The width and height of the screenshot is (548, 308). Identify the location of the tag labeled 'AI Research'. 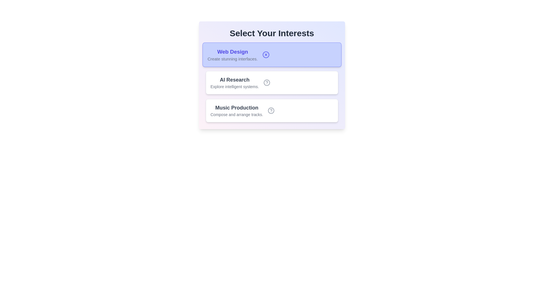
(271, 82).